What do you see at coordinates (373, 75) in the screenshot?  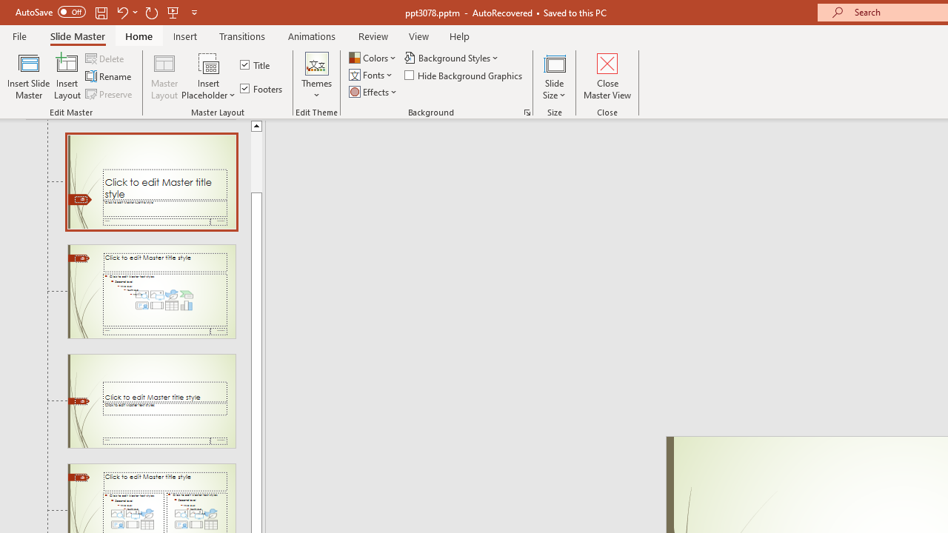 I see `'Fonts'` at bounding box center [373, 75].